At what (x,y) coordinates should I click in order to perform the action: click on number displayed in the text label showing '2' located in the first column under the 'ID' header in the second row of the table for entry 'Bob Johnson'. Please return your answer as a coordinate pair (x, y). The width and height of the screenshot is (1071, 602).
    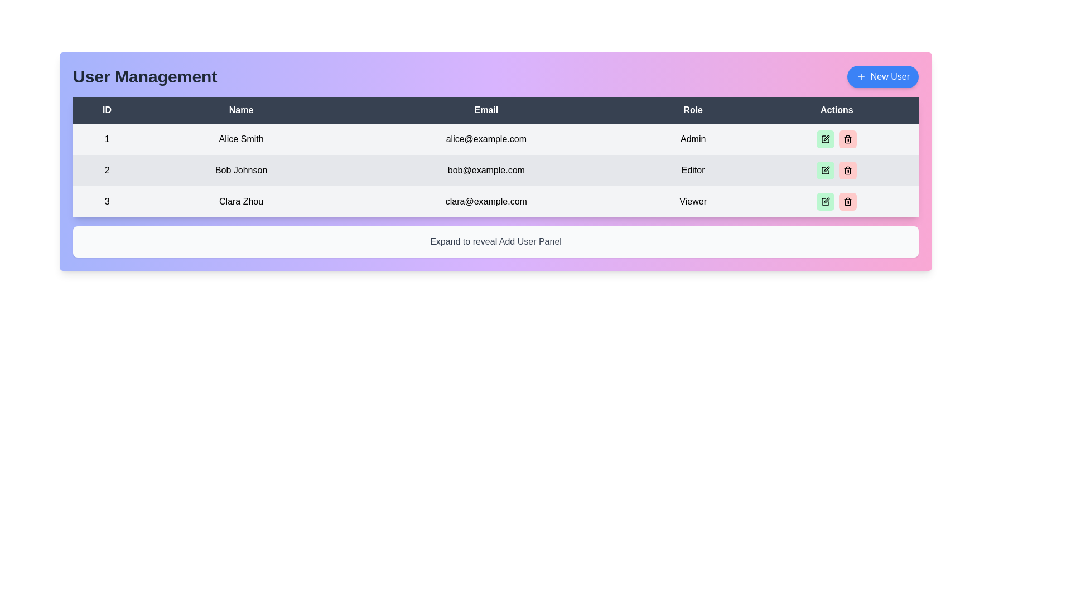
    Looking at the image, I should click on (107, 170).